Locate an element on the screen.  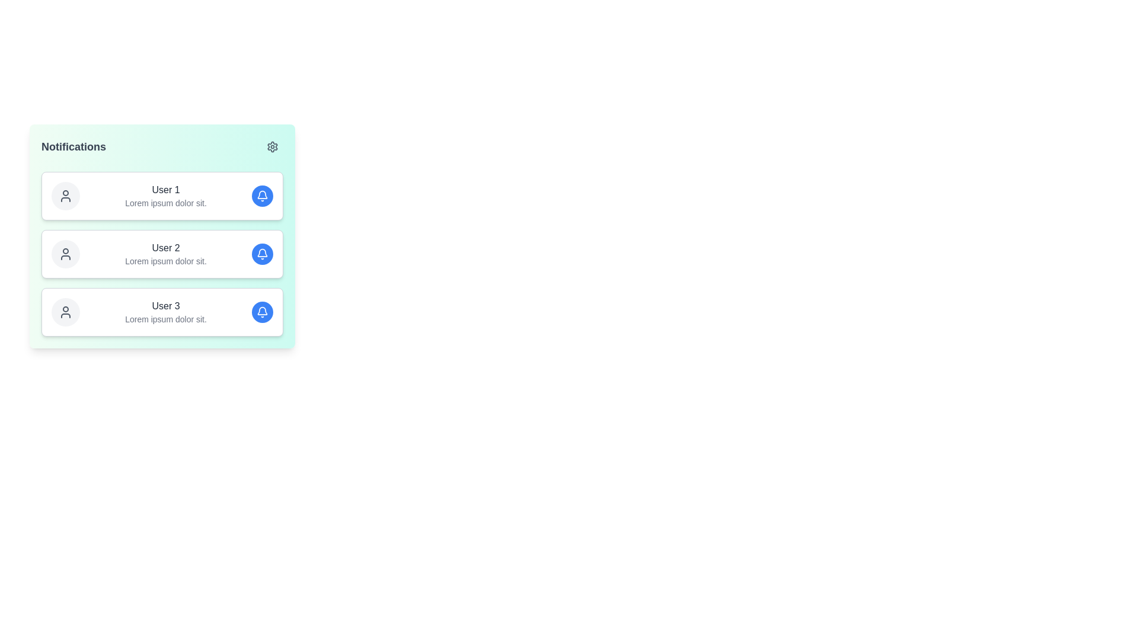
the user-related information text display located in the middle position of the notification card list is located at coordinates (165, 253).